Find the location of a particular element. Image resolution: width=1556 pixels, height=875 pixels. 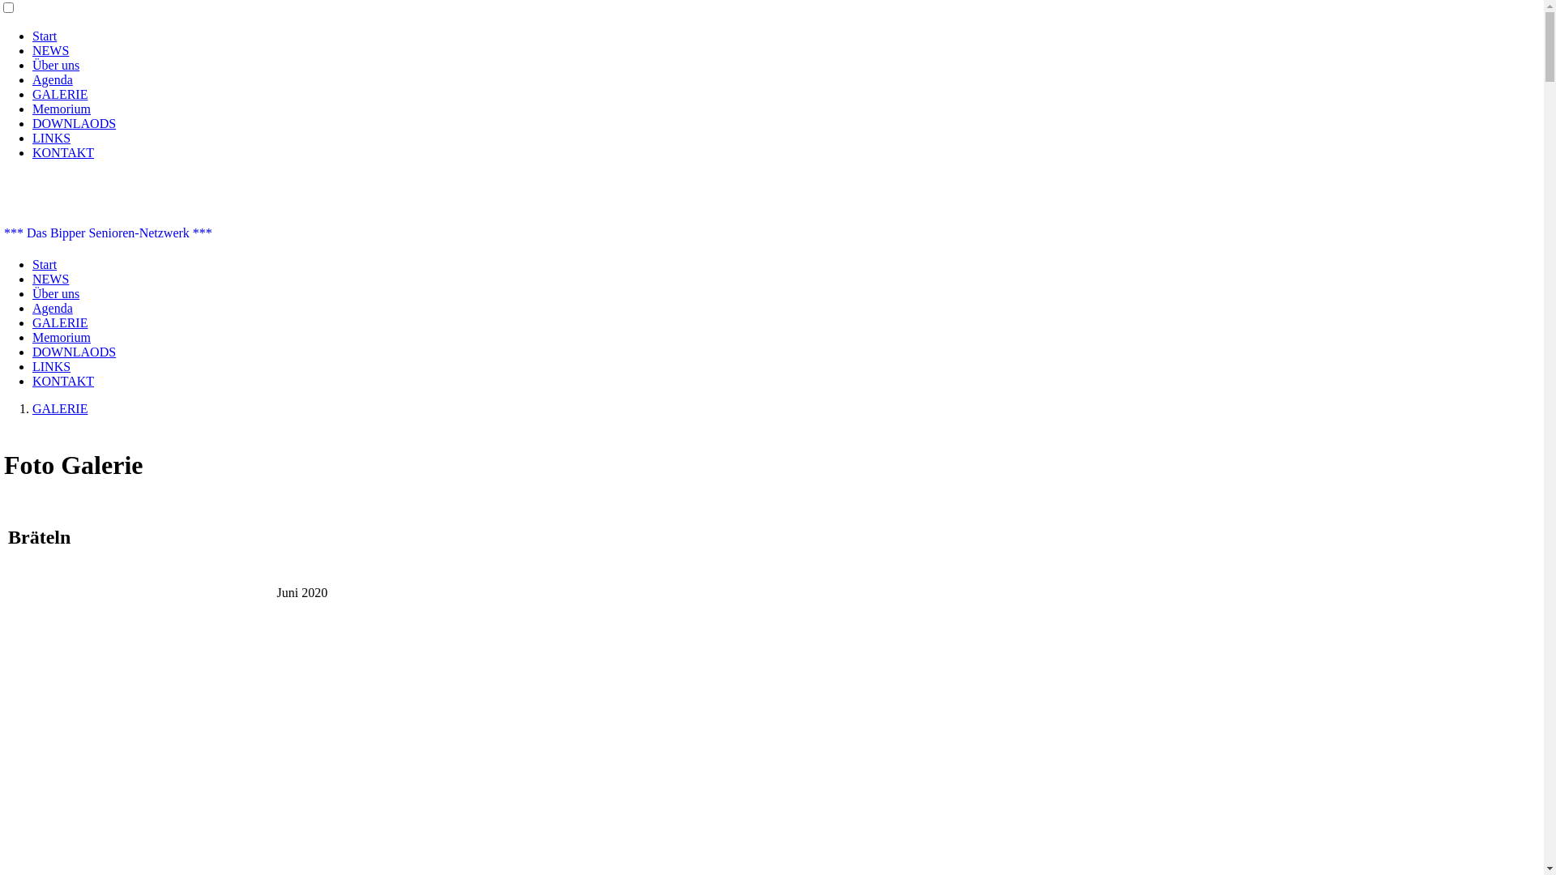

'GALERIE' is located at coordinates (59, 322).